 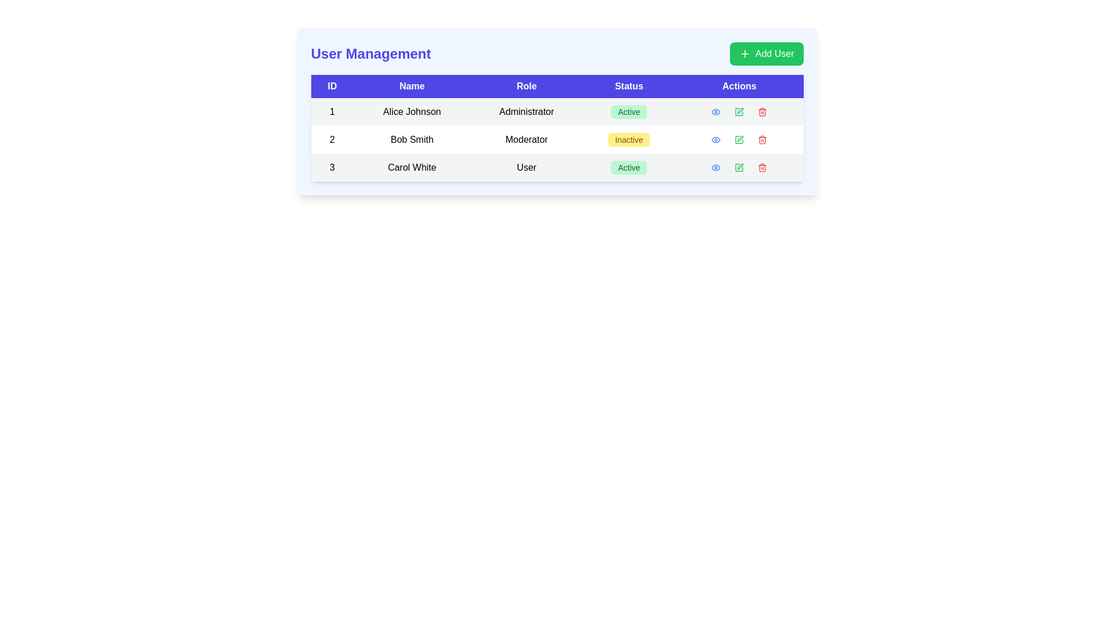 I want to click on the edit icon associated with the 'Moderator' role user in the 'Actions' column of the table, so click(x=740, y=111).